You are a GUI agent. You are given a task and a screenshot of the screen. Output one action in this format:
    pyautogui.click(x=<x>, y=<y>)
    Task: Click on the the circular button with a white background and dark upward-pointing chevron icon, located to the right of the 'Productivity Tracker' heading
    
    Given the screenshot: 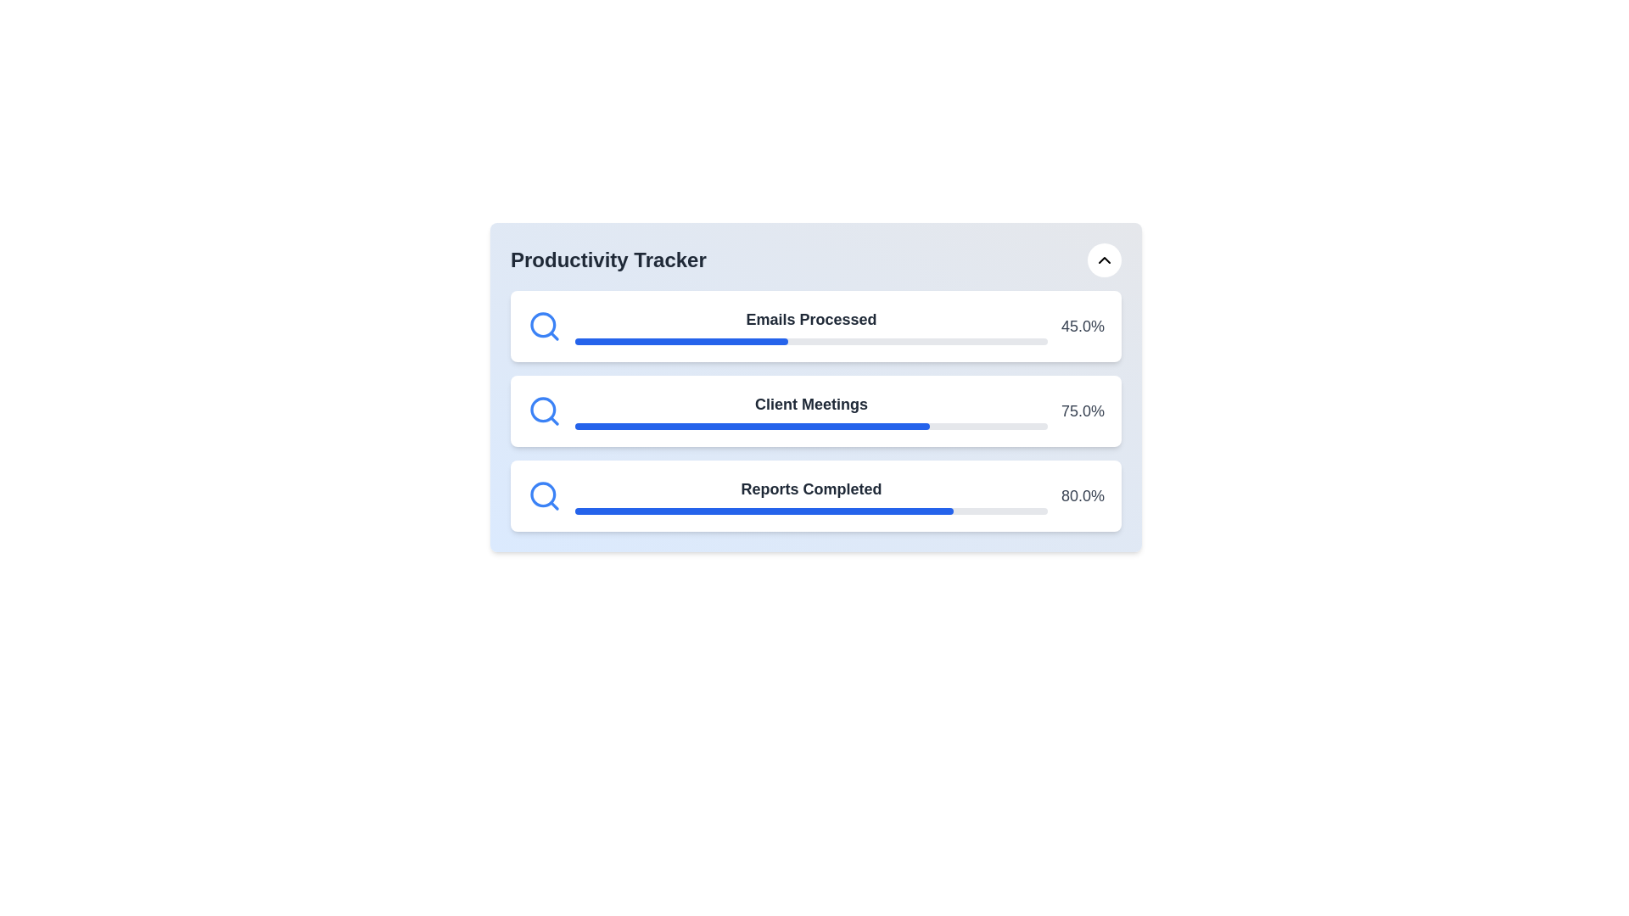 What is the action you would take?
    pyautogui.click(x=1104, y=260)
    